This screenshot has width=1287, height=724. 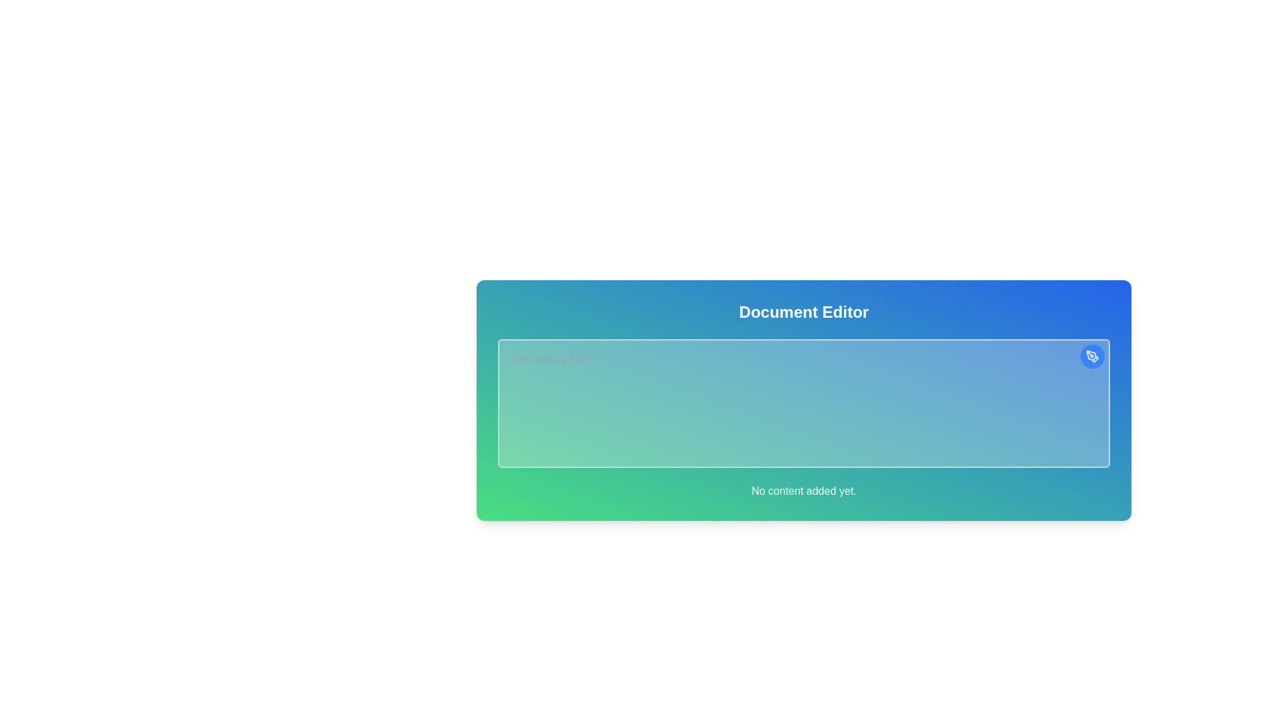 What do you see at coordinates (1093, 356) in the screenshot?
I see `the blue circular button with a white pen-shaped icon at its center, located in the top-right corner of the document editor` at bounding box center [1093, 356].